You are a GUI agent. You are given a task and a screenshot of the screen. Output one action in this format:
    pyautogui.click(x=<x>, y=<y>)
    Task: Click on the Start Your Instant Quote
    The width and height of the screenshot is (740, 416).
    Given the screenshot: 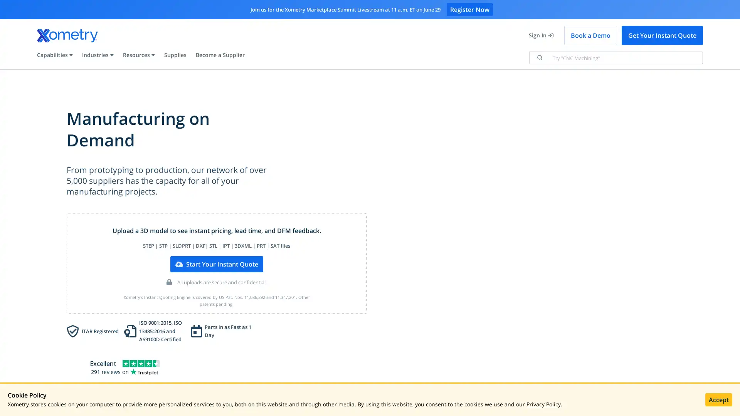 What is the action you would take?
    pyautogui.click(x=216, y=264)
    